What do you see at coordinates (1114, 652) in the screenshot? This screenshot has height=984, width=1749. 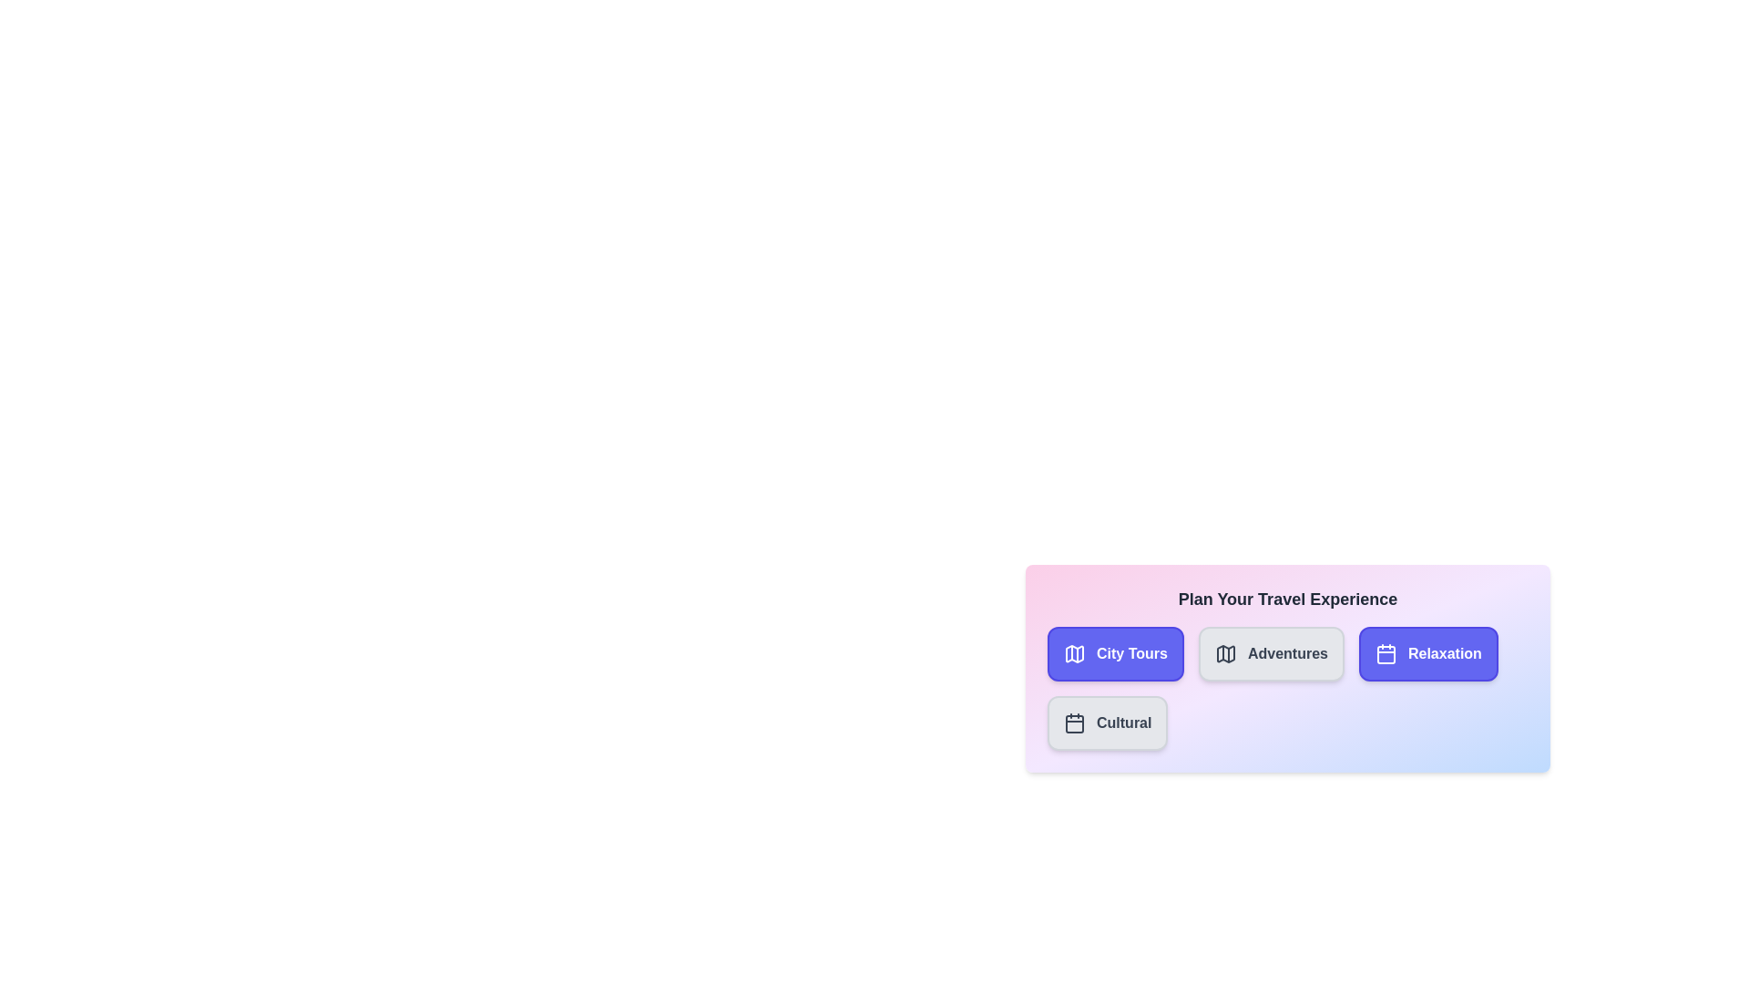 I see `the category City Tours` at bounding box center [1114, 652].